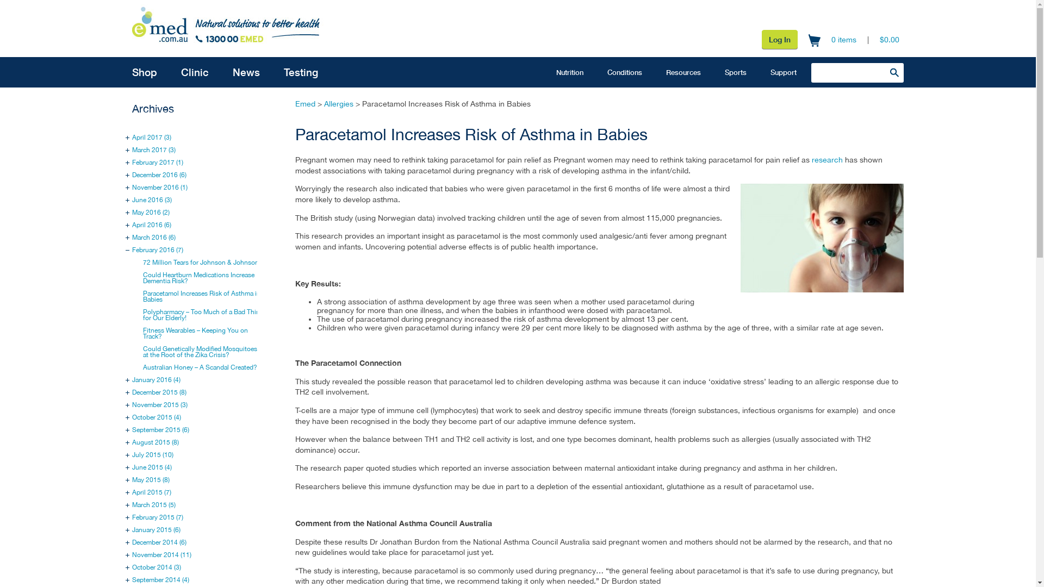  I want to click on 'February 2016 (7)', so click(132, 249).